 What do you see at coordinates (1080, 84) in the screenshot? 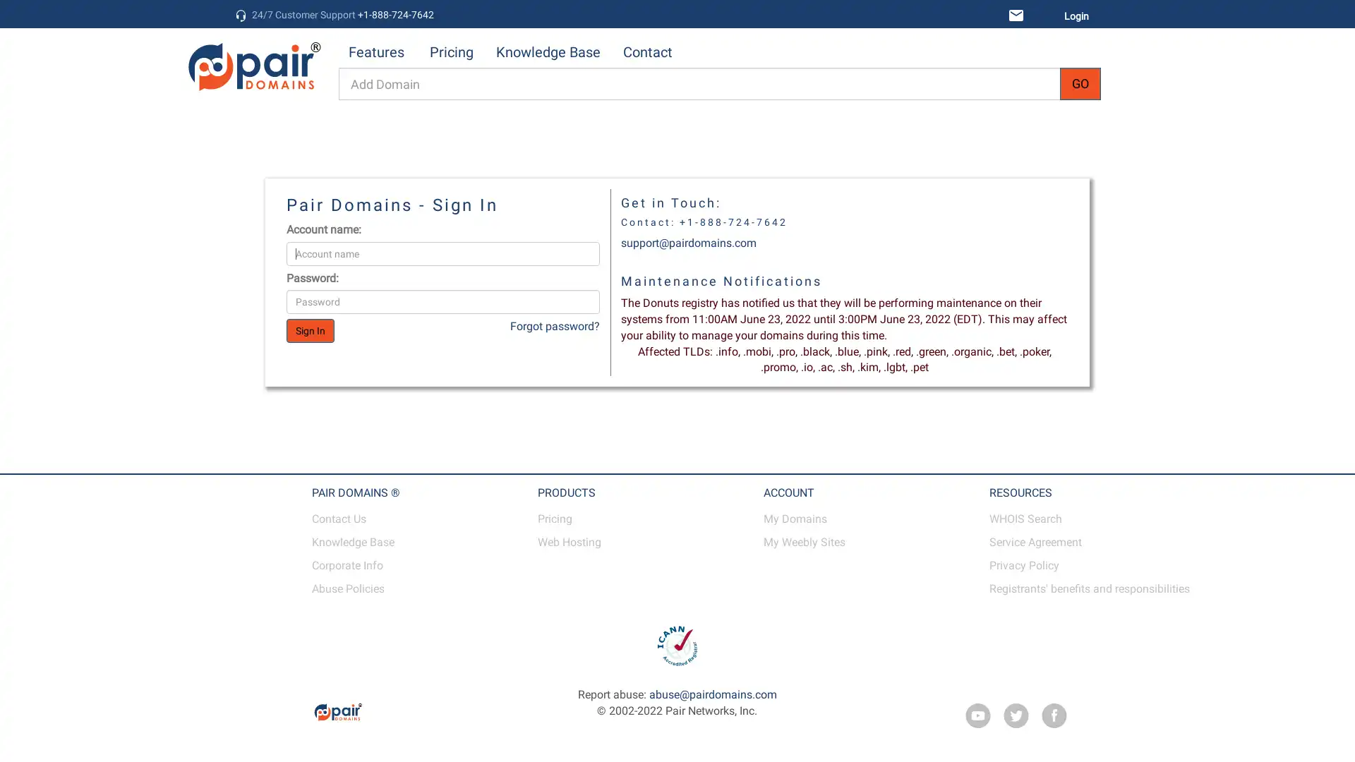
I see `GO` at bounding box center [1080, 84].